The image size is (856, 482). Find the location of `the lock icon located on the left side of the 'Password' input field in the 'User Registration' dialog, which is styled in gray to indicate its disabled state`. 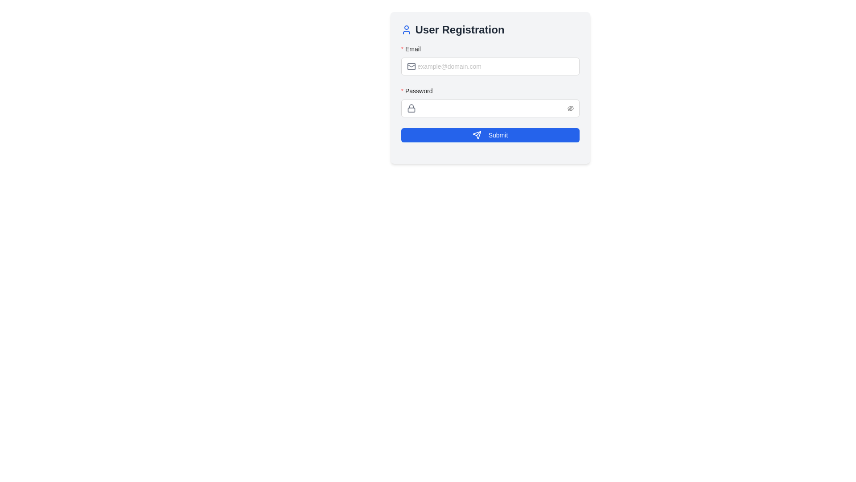

the lock icon located on the left side of the 'Password' input field in the 'User Registration' dialog, which is styled in gray to indicate its disabled state is located at coordinates (411, 108).